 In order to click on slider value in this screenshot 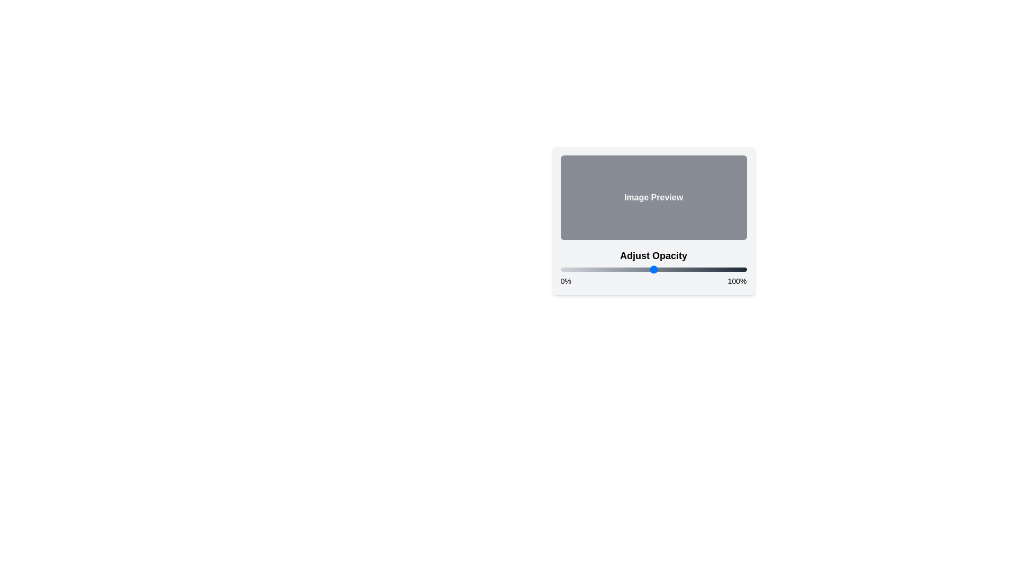, I will do `click(565, 269)`.